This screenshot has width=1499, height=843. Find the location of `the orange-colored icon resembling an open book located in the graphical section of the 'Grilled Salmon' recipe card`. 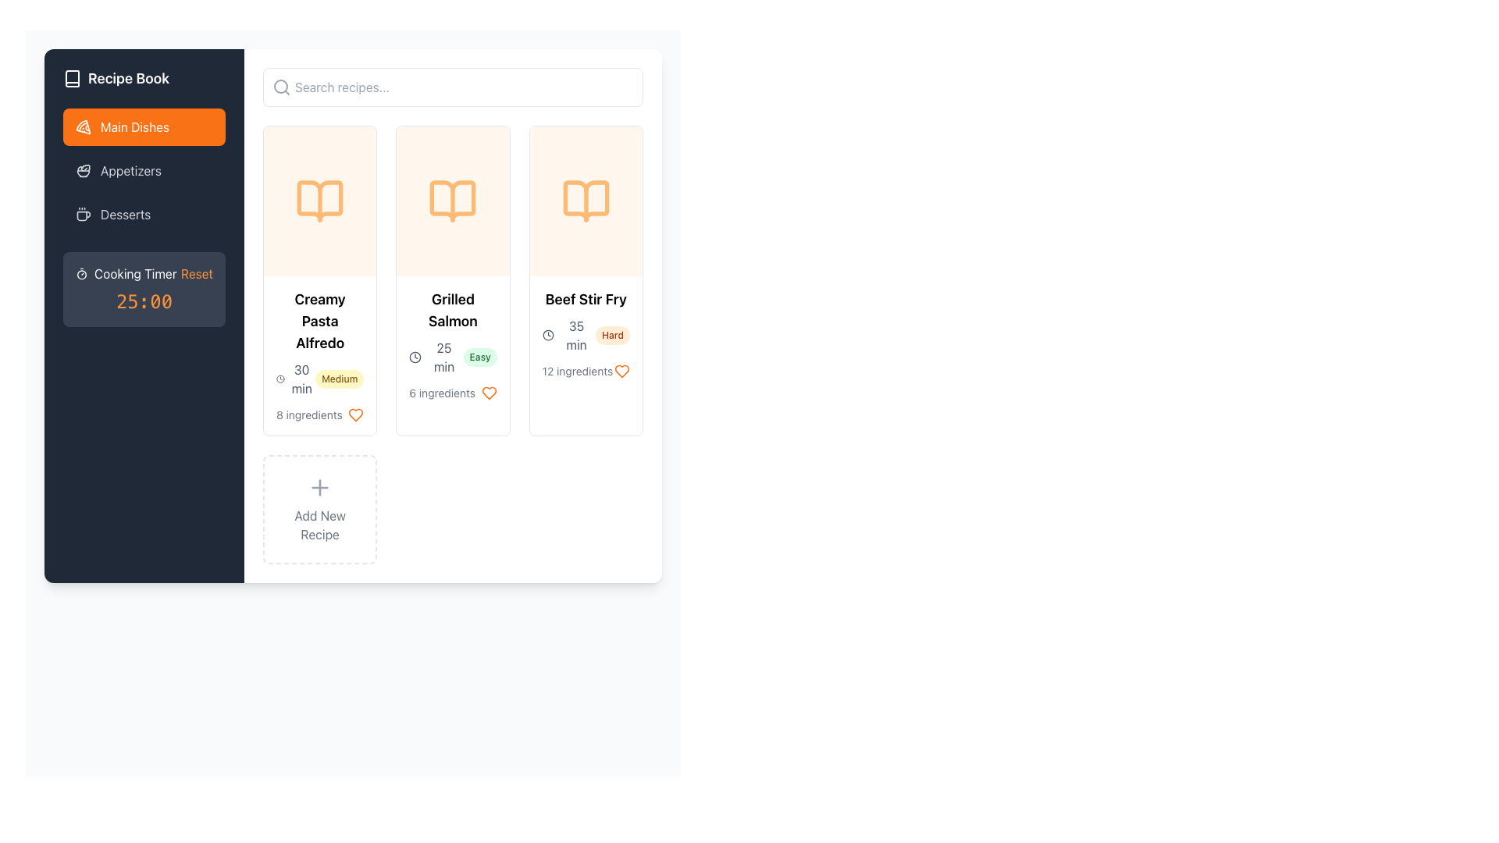

the orange-colored icon resembling an open book located in the graphical section of the 'Grilled Salmon' recipe card is located at coordinates (452, 201).